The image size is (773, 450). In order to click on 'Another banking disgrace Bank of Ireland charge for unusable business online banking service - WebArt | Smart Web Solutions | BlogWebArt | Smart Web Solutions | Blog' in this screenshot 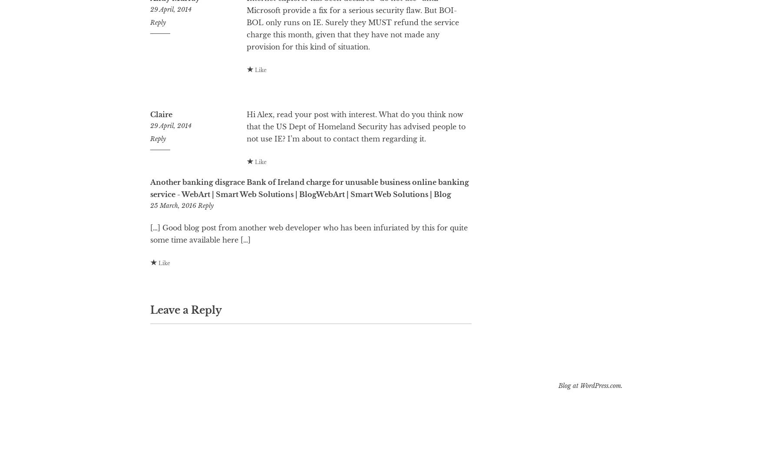, I will do `click(309, 223)`.